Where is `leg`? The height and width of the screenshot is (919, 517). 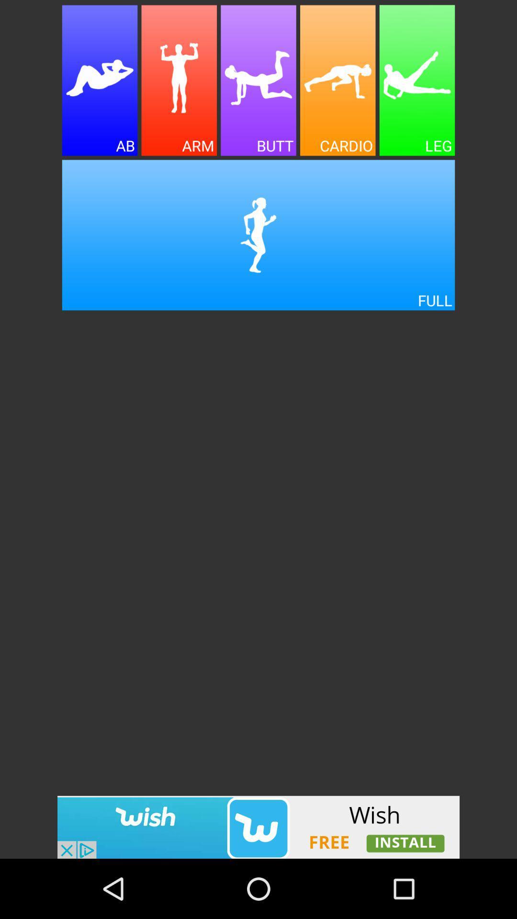 leg is located at coordinates (416, 80).